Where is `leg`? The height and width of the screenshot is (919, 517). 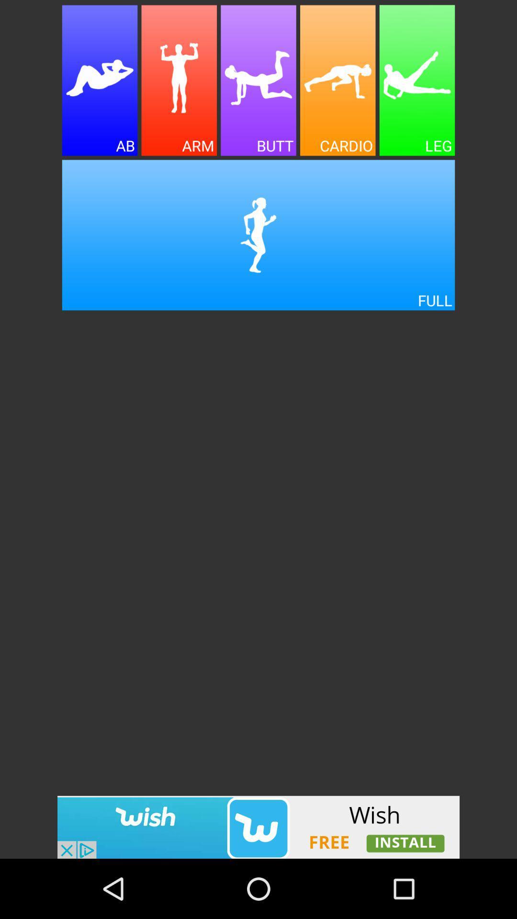 leg is located at coordinates (416, 80).